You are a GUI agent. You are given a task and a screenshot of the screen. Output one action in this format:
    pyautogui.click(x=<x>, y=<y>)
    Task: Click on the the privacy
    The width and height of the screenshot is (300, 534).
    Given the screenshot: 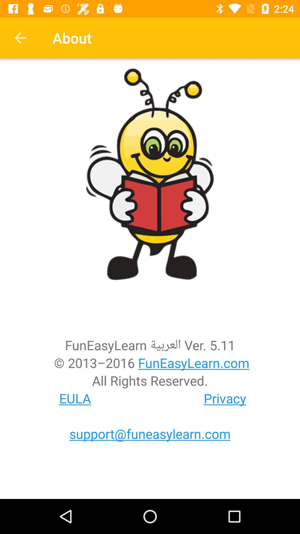 What is the action you would take?
    pyautogui.click(x=225, y=398)
    